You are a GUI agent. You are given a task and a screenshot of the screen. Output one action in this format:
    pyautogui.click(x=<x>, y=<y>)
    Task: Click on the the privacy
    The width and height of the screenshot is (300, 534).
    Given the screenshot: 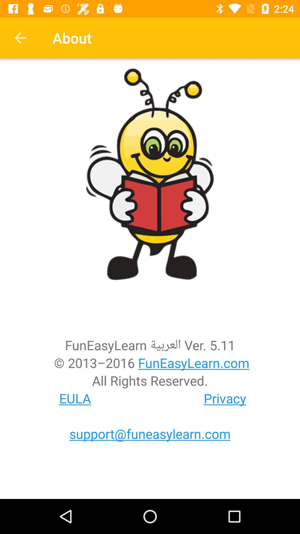 What is the action you would take?
    pyautogui.click(x=225, y=398)
    